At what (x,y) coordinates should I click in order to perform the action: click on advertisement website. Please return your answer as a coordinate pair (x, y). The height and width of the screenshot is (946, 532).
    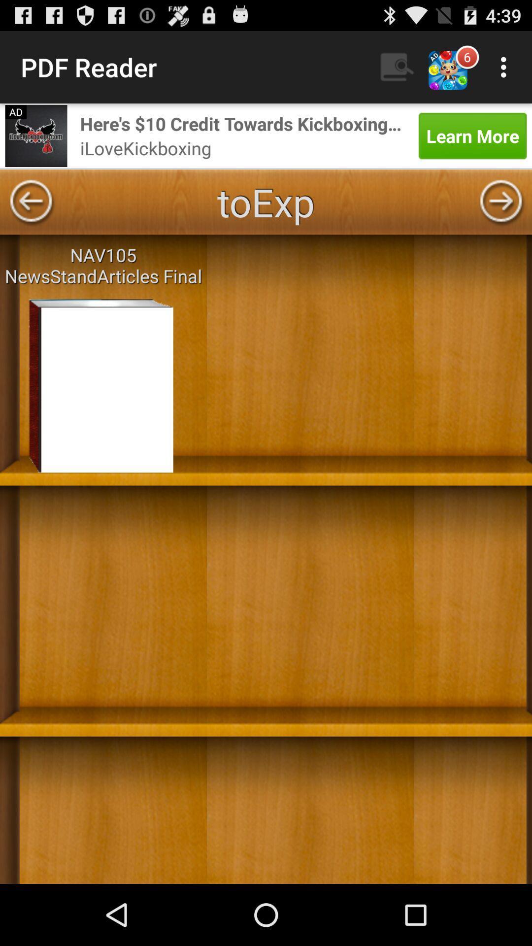
    Looking at the image, I should click on (35, 135).